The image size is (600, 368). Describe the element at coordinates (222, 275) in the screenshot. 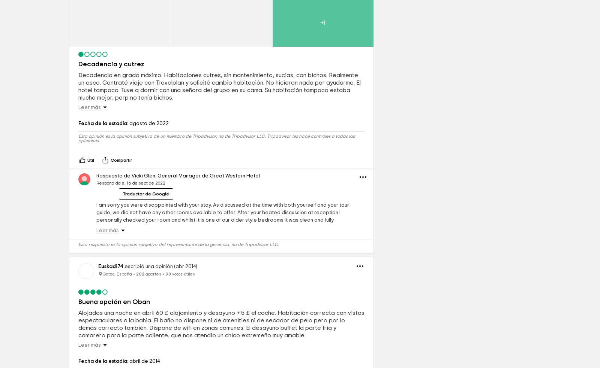

I see `'I am sorry you were disappointed with your stay. As discussed at the time with both yourself and your tour guide, we did not have any other rooms available to offer. After your heated discussion at reception I personally checked your room and whilst it is one of our older style bedrooms it was clean and fully serviced. We have serviced many groups for your tour operator this summer and as the tour guide confirmed at the time, have received no complaints. I wish you luck in your future travels. Kind regards Vicki Glen General Manager'` at that location.